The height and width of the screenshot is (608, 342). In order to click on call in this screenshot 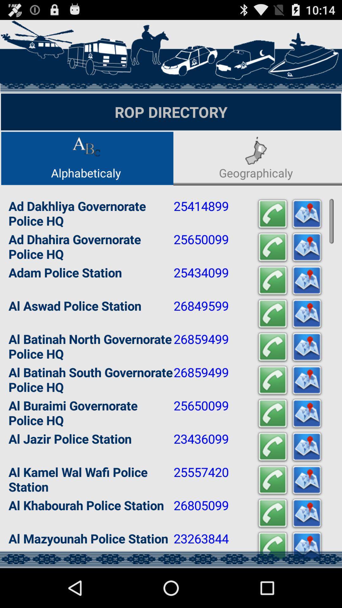, I will do `click(272, 247)`.